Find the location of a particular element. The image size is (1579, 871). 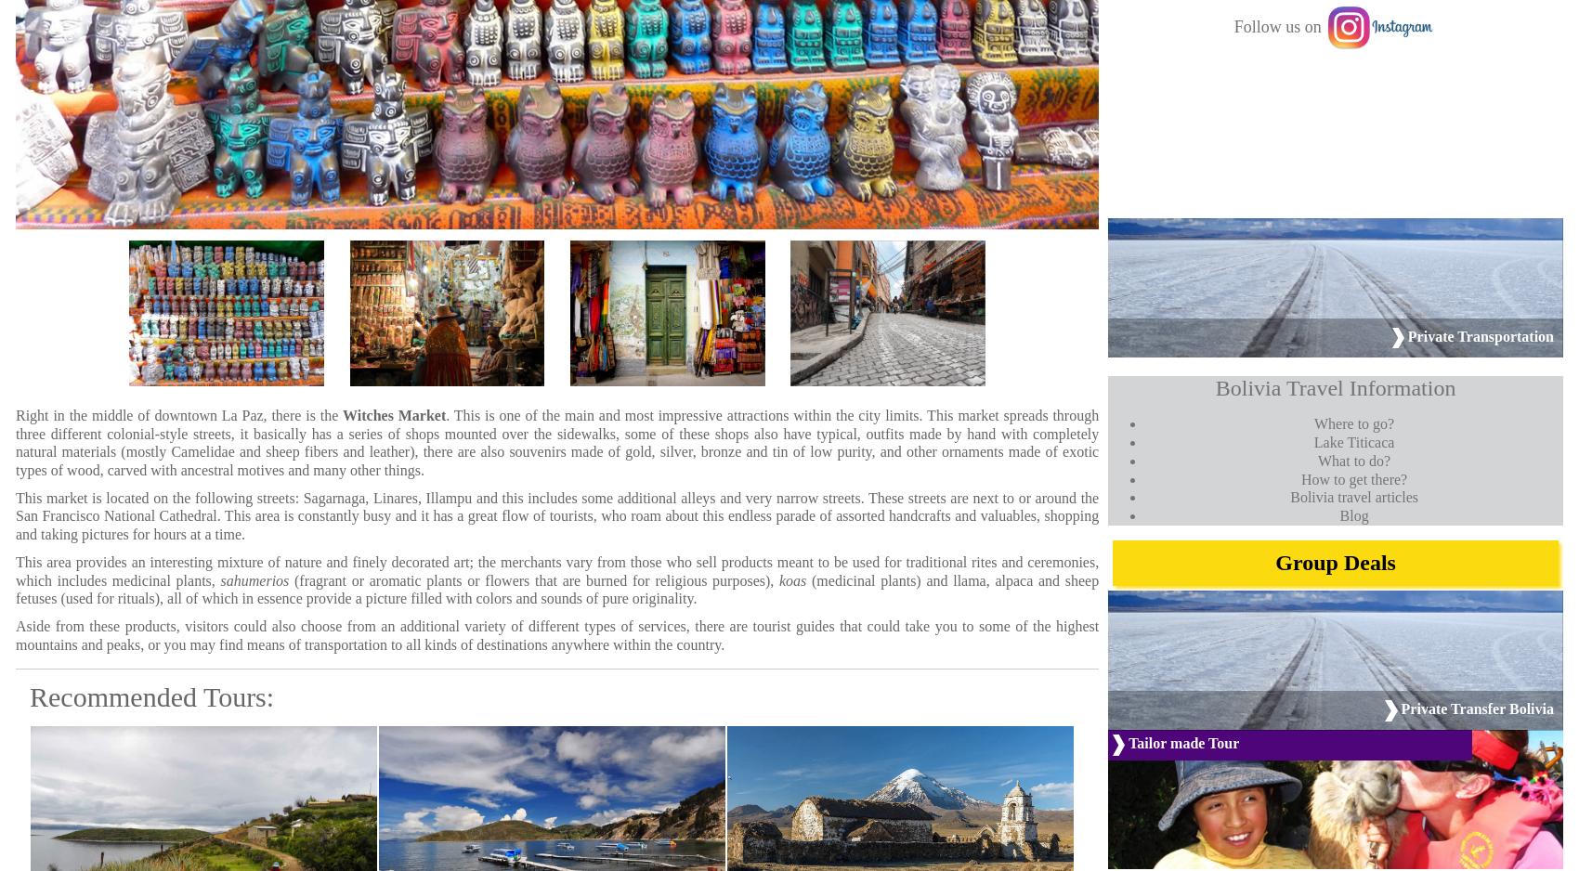

'Private Transfer Bolivia' is located at coordinates (1475, 708).